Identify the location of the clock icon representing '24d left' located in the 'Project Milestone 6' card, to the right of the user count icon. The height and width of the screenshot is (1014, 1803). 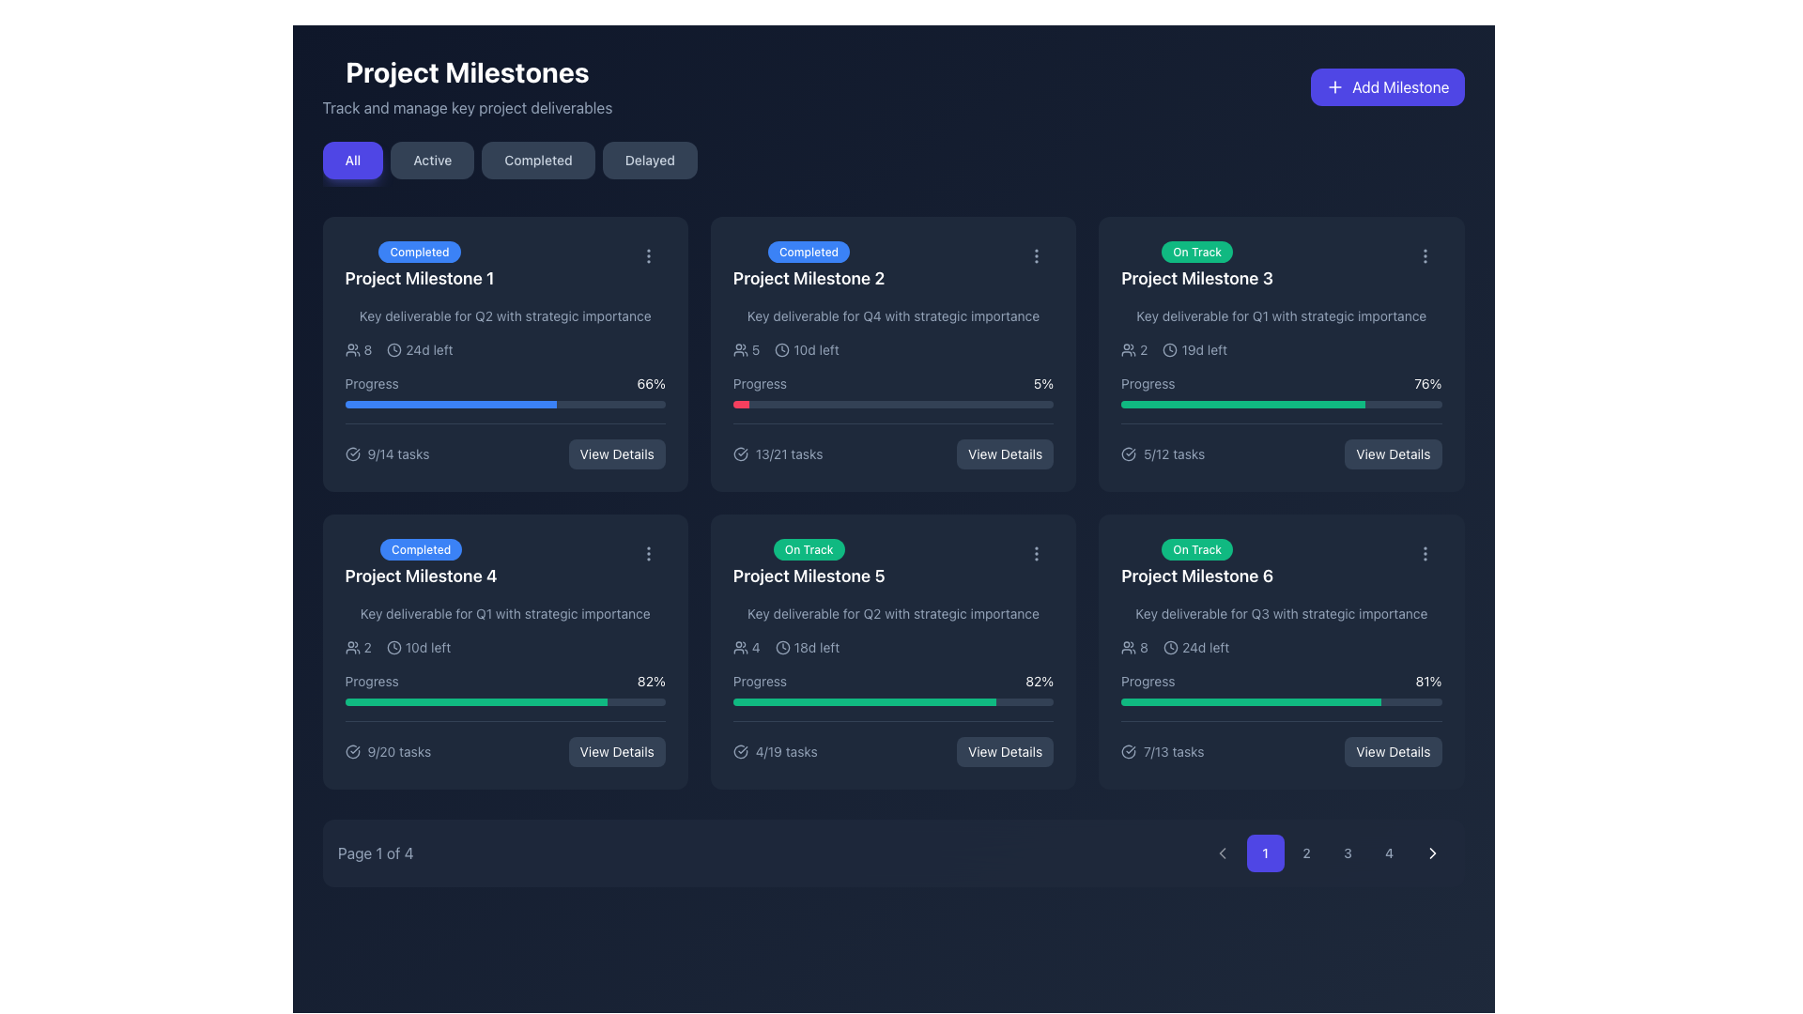
(1170, 647).